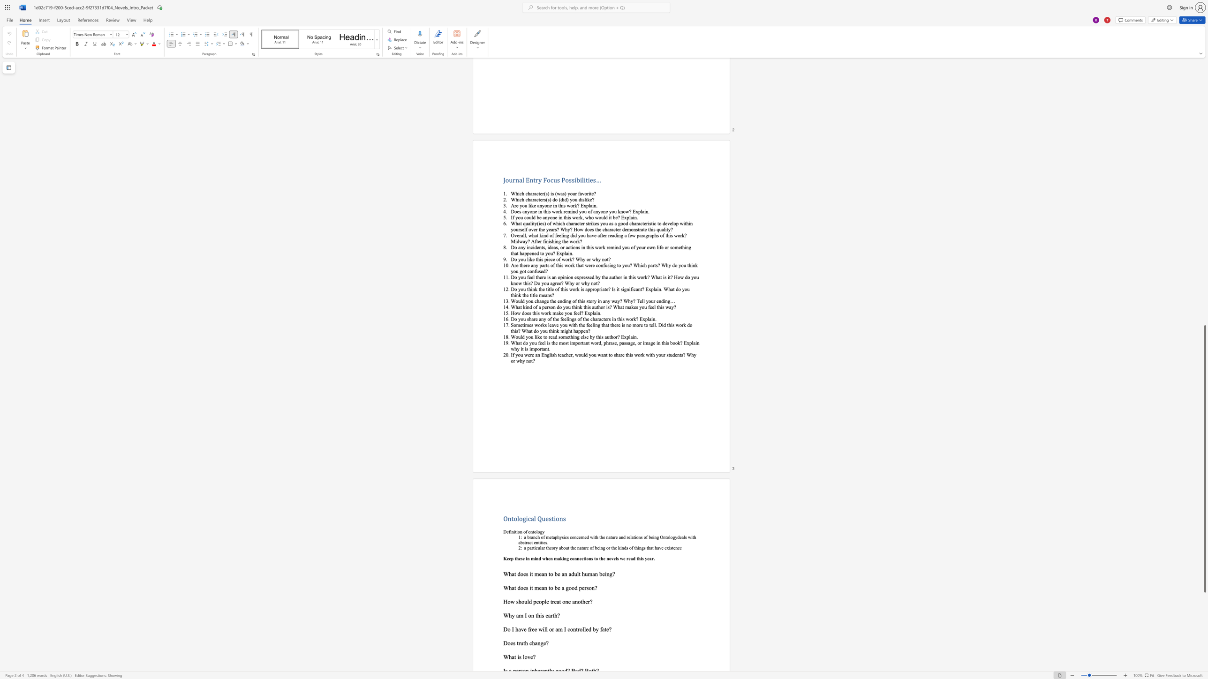  I want to click on the vertical scrollbar to raise the page content, so click(1204, 235).